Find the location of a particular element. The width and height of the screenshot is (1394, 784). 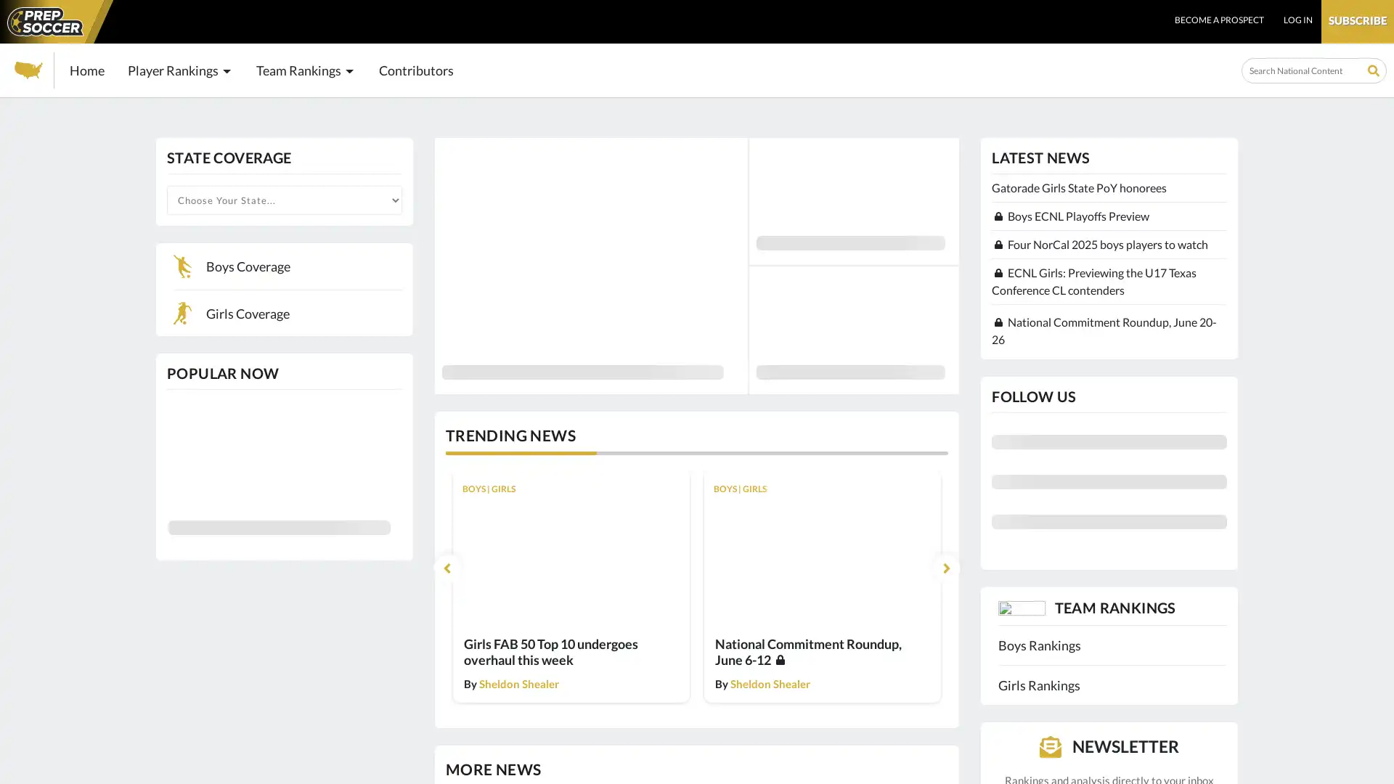

Next is located at coordinates (945, 567).